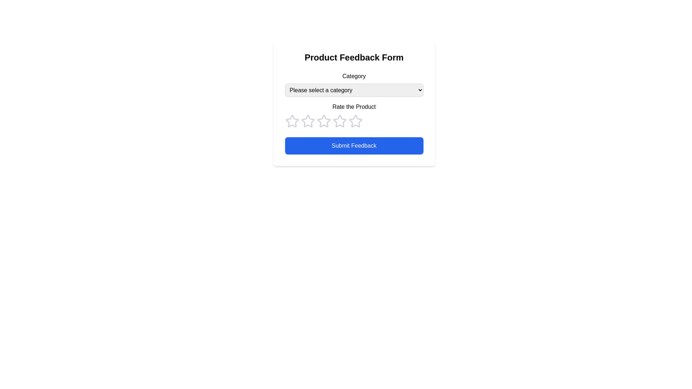 The image size is (692, 389). What do you see at coordinates (354, 76) in the screenshot?
I see `the static text label indicating the purpose of the dropdown menu, located at the top center of the form interface` at bounding box center [354, 76].